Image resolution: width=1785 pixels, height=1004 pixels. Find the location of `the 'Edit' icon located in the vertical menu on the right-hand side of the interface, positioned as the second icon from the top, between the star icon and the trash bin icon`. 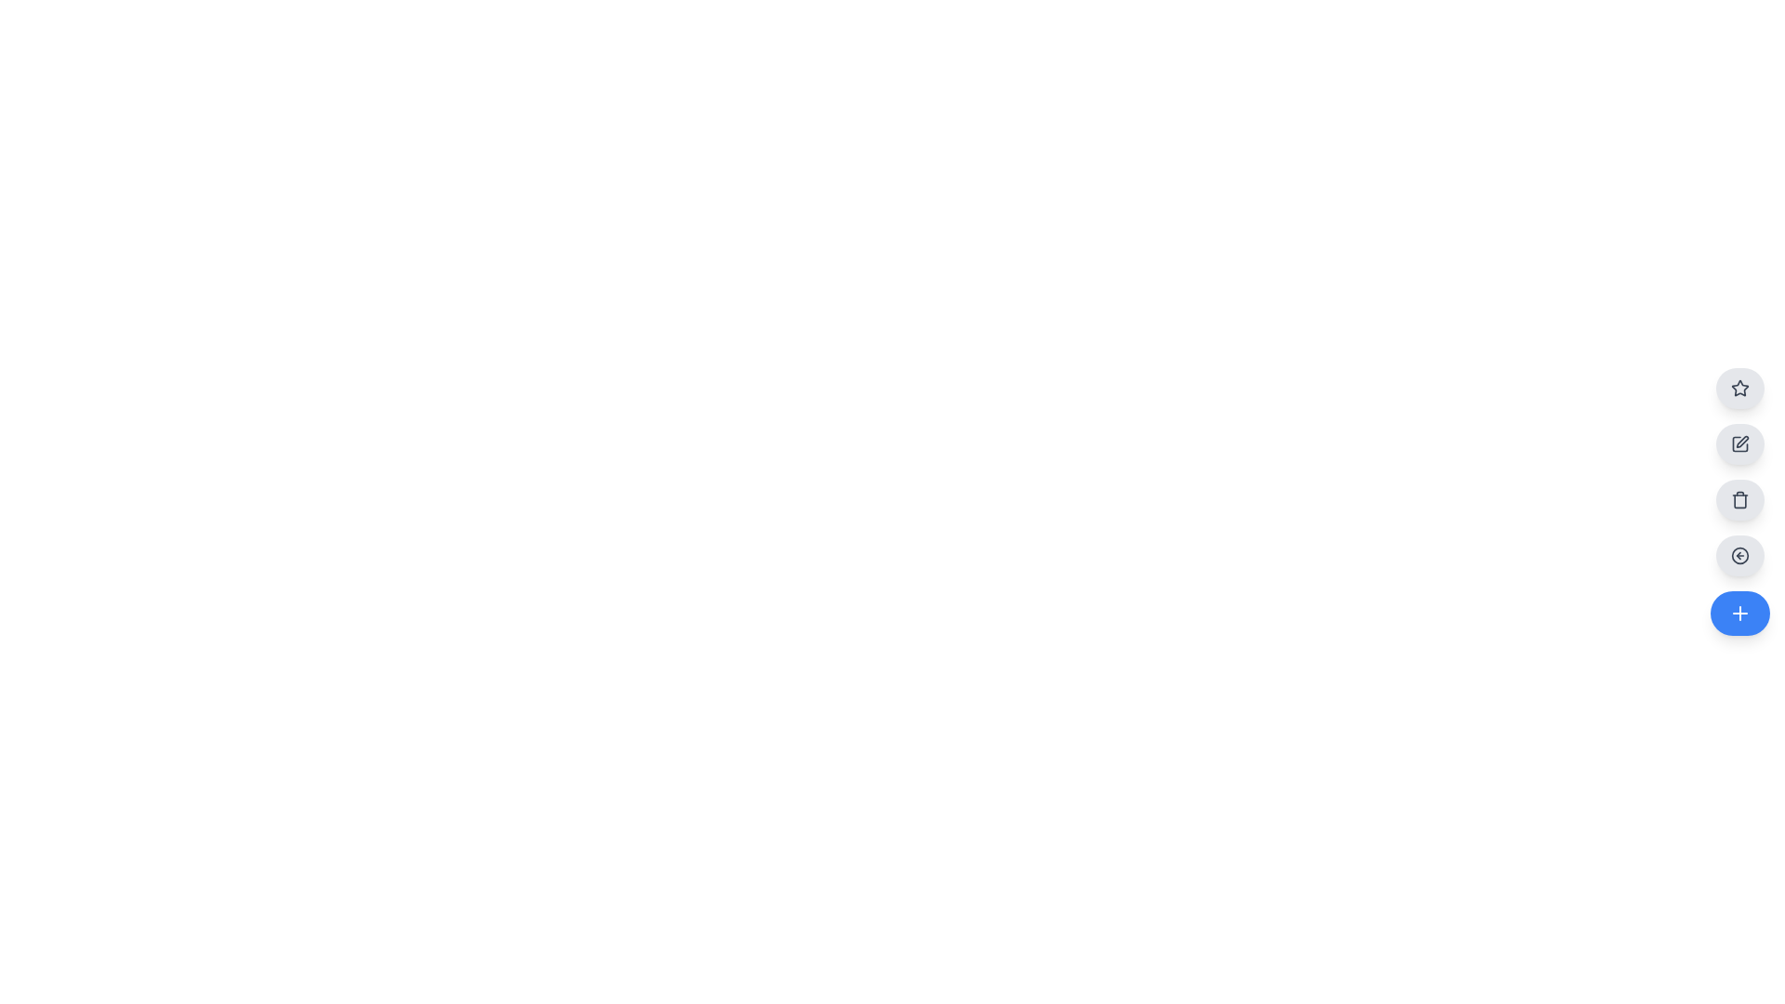

the 'Edit' icon located in the vertical menu on the right-hand side of the interface, positioned as the second icon from the top, between the star icon and the trash bin icon is located at coordinates (1739, 444).